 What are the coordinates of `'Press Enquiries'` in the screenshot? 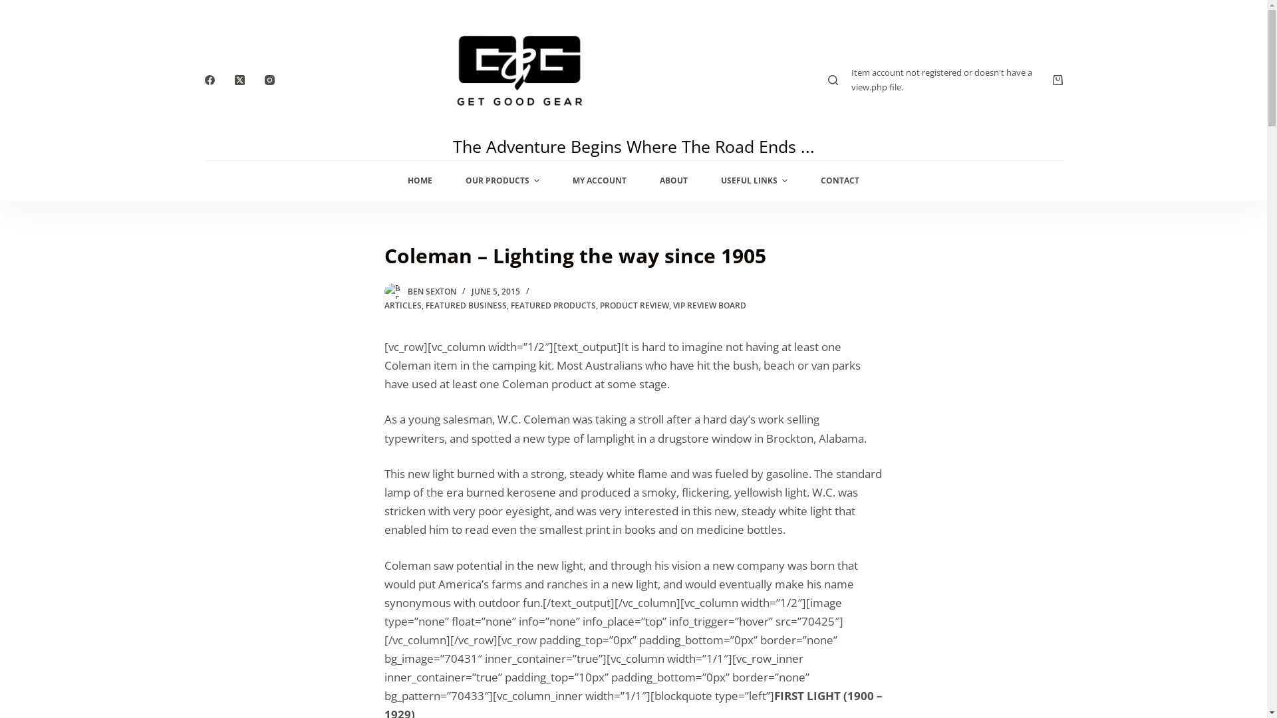 It's located at (466, 507).